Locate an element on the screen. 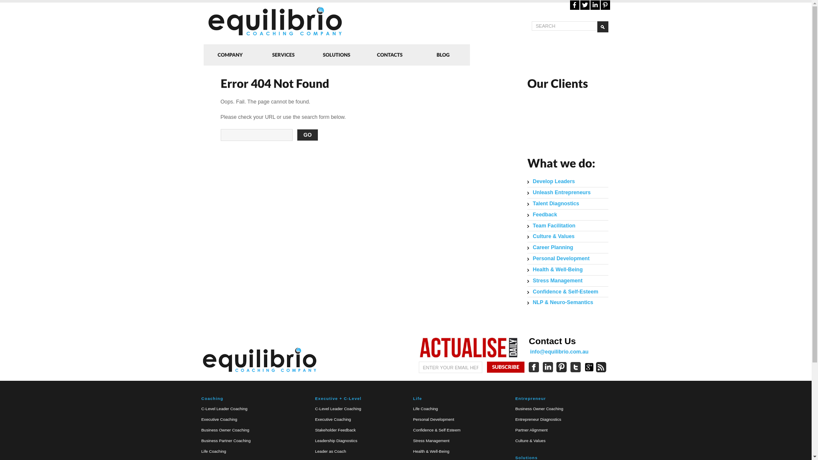 This screenshot has height=460, width=818. 'info@equilibrio.com.au' is located at coordinates (559, 351).